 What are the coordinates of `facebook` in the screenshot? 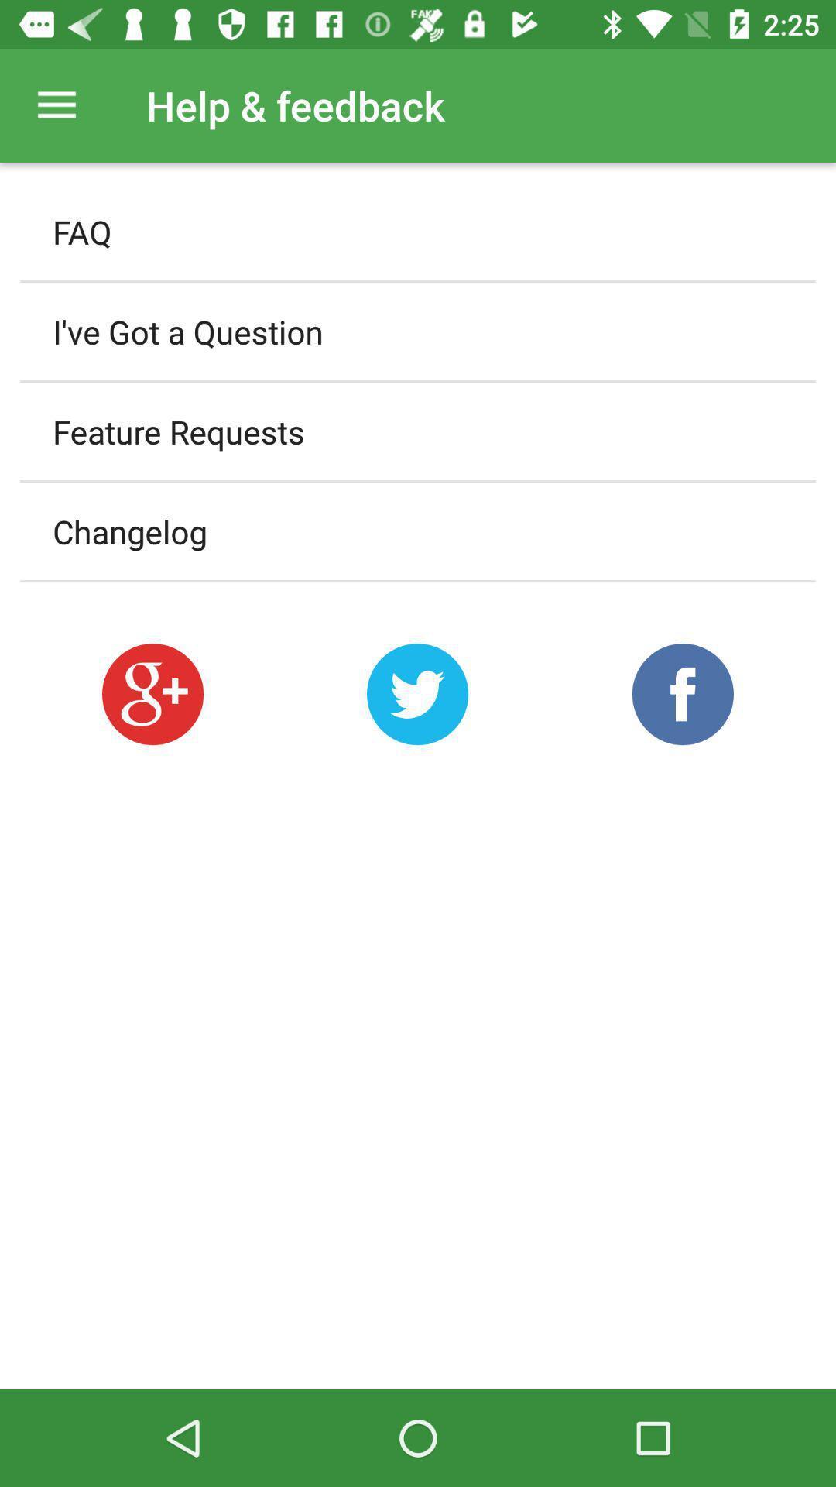 It's located at (682, 693).